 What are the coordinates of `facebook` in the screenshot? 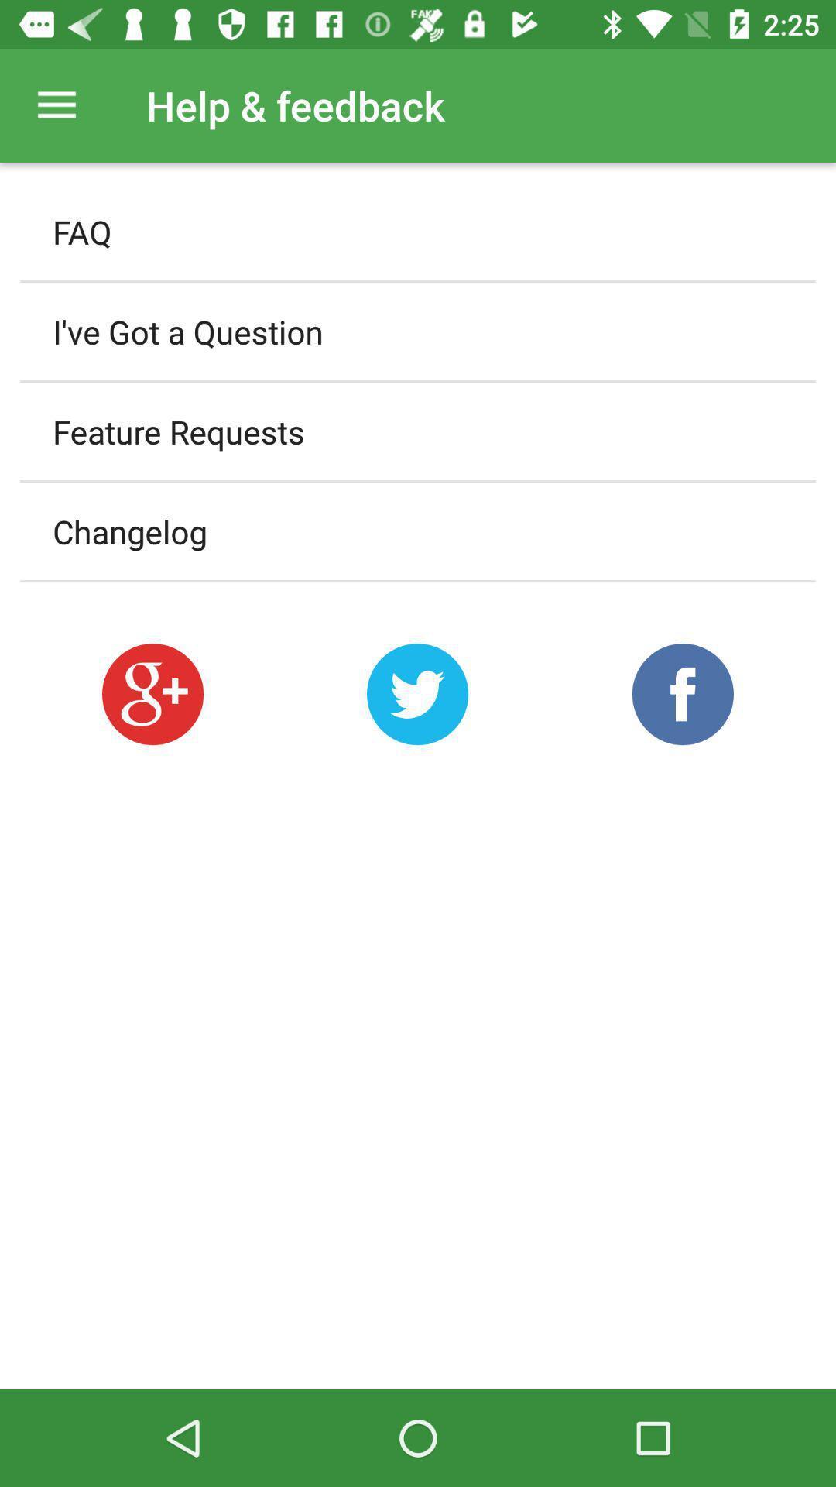 It's located at (682, 693).